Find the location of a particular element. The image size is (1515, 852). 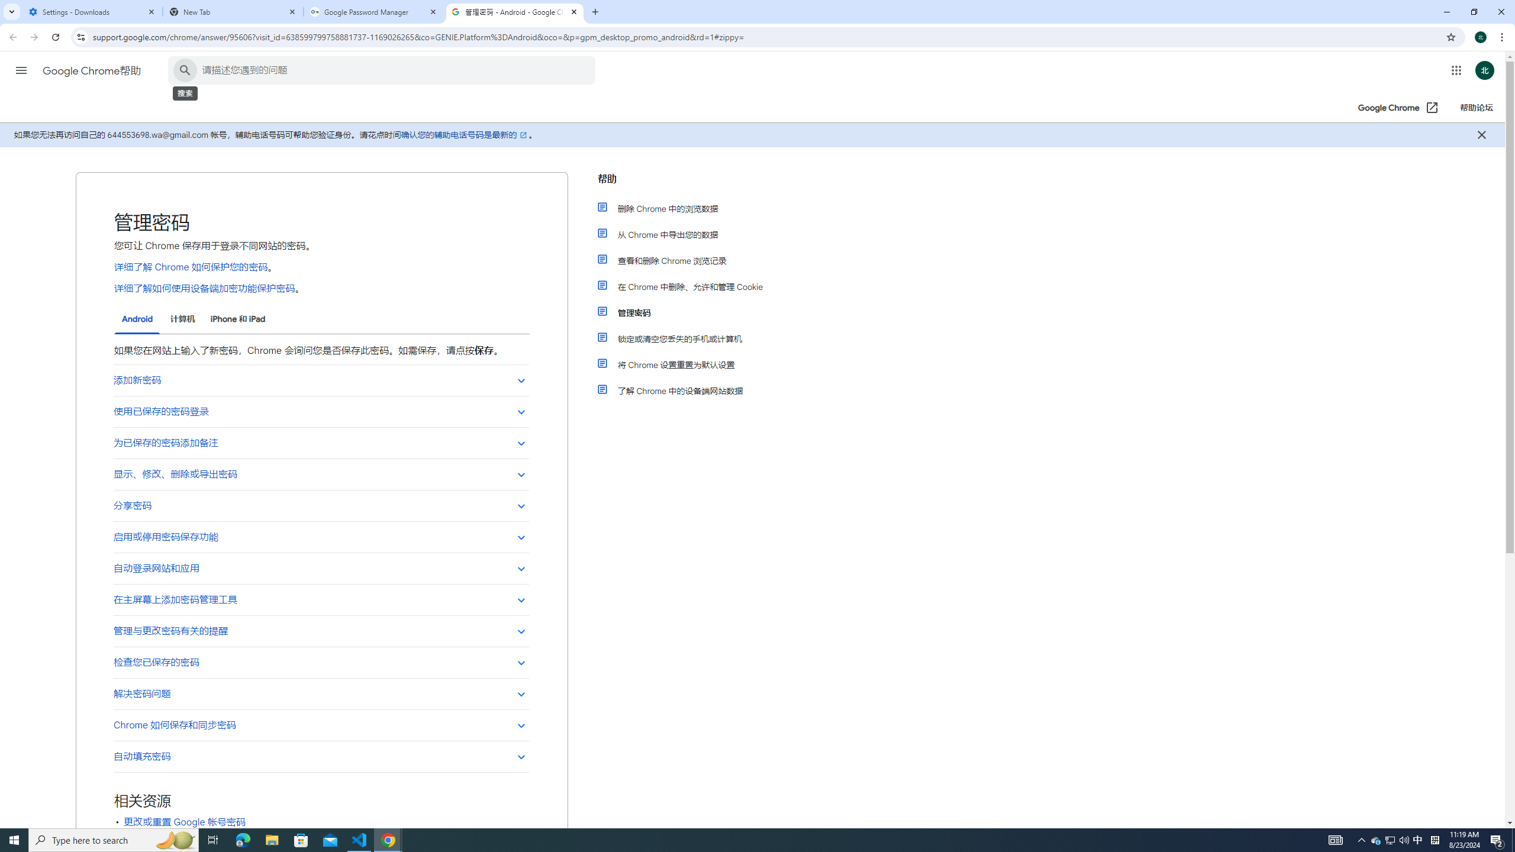

'Android' is located at coordinates (137, 319).